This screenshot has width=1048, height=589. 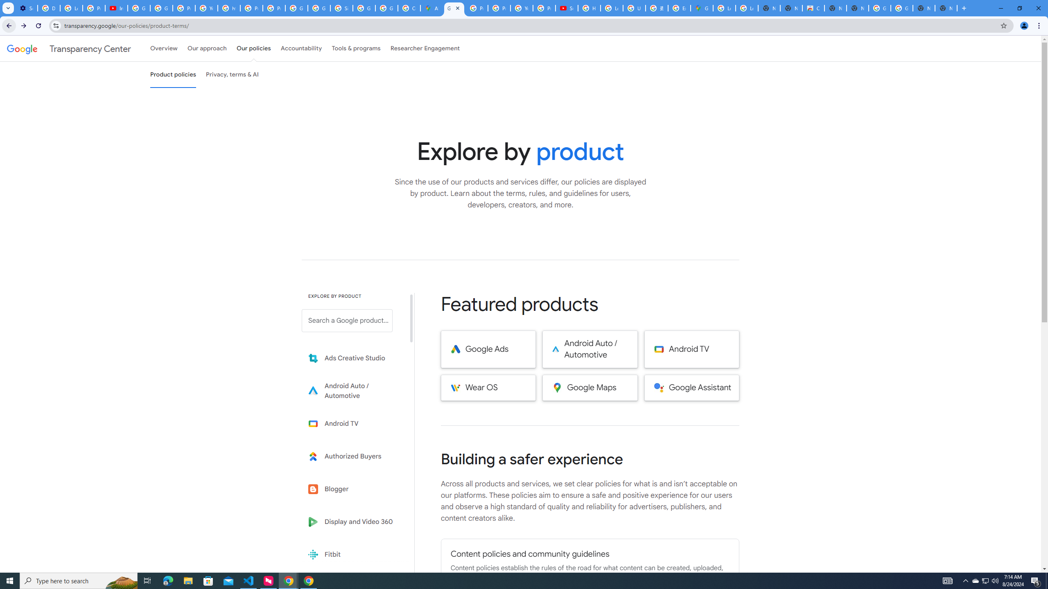 I want to click on 'Blogger', so click(x=352, y=488).